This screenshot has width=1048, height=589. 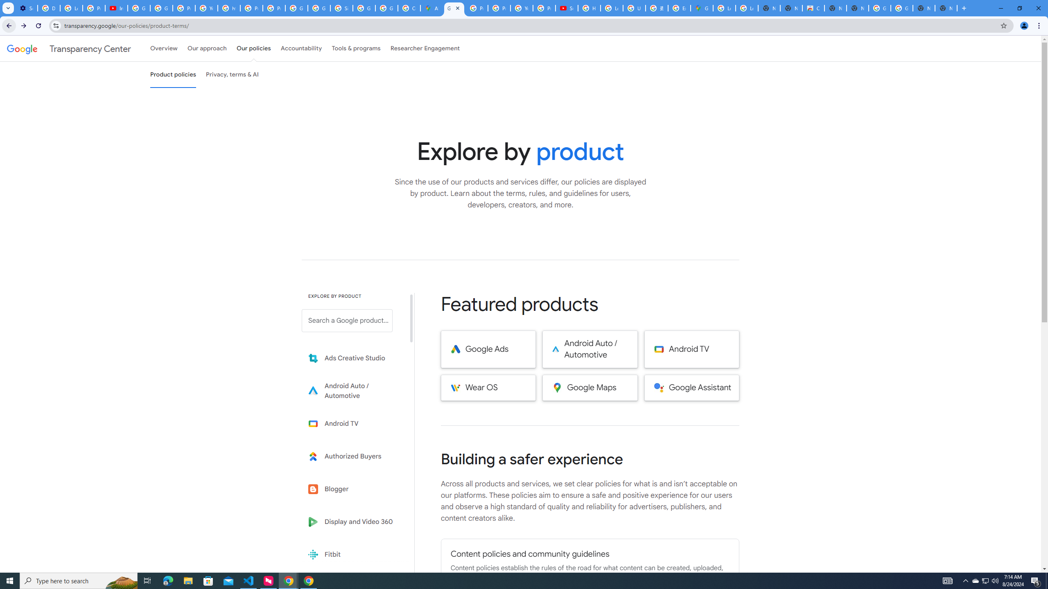 I want to click on 'Blogger', so click(x=352, y=488).